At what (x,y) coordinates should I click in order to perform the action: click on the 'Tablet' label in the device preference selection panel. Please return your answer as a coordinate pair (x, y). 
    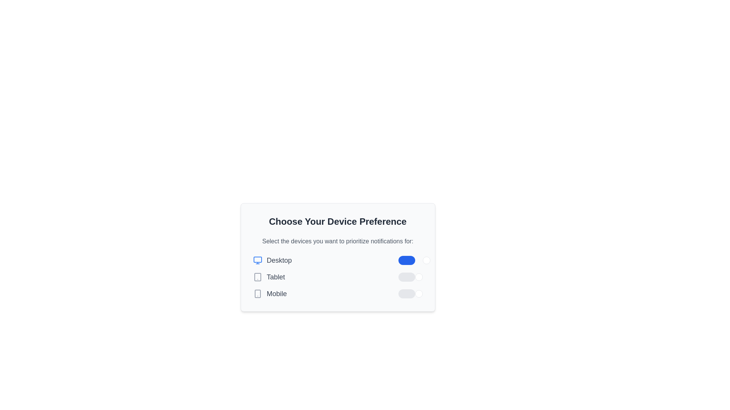
    Looking at the image, I should click on (275, 277).